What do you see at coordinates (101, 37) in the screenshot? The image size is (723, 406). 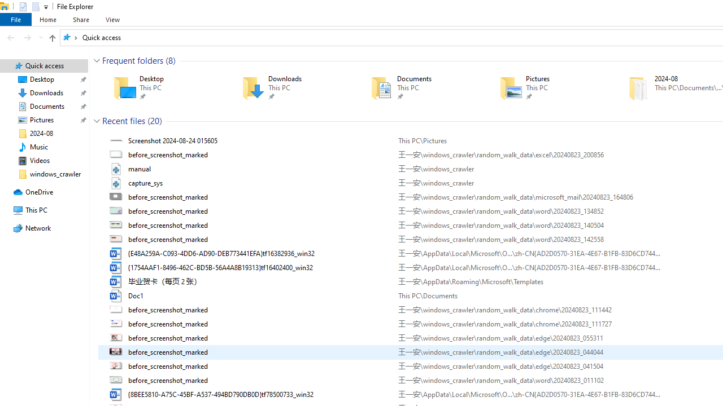 I see `'Quick access'` at bounding box center [101, 37].